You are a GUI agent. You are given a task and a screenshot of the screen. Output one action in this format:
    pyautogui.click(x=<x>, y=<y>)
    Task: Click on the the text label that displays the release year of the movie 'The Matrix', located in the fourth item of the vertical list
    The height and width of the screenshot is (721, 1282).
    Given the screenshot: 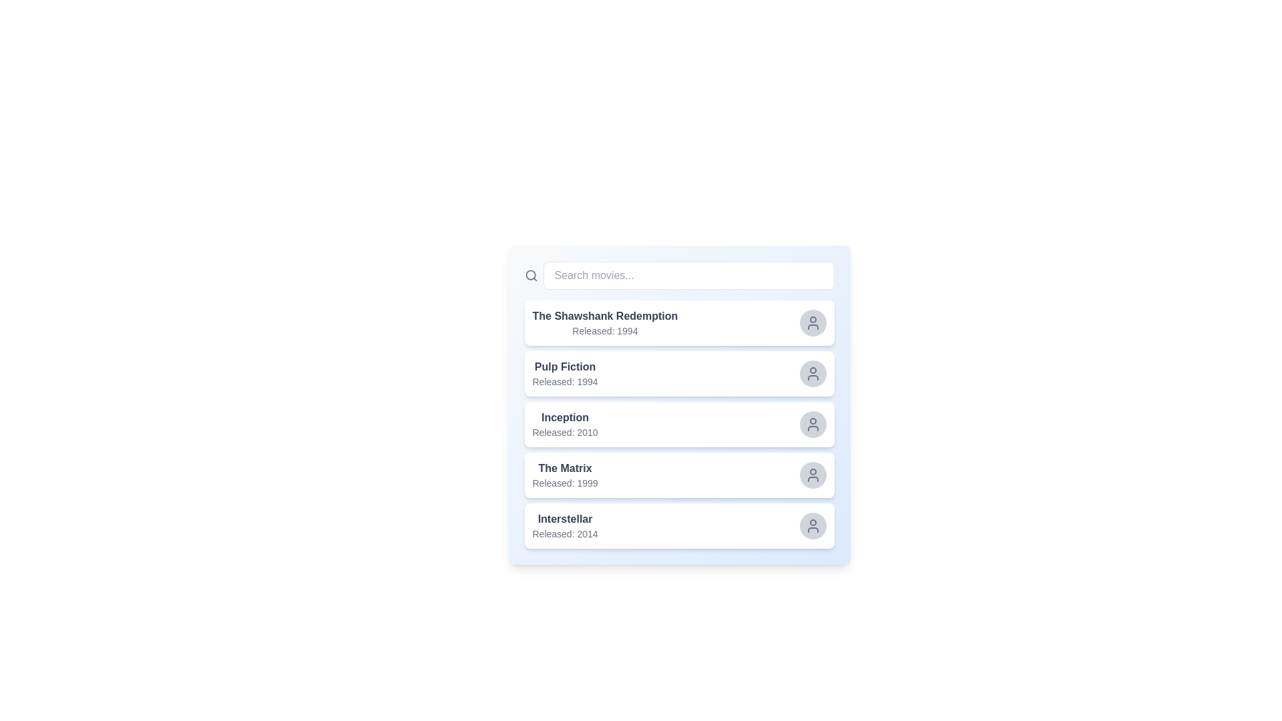 What is the action you would take?
    pyautogui.click(x=565, y=483)
    